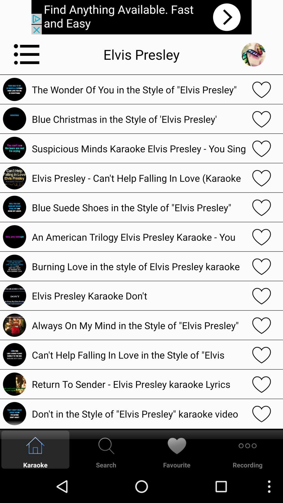 The image size is (283, 503). Describe the element at coordinates (262, 413) in the screenshot. I see `love selection` at that location.